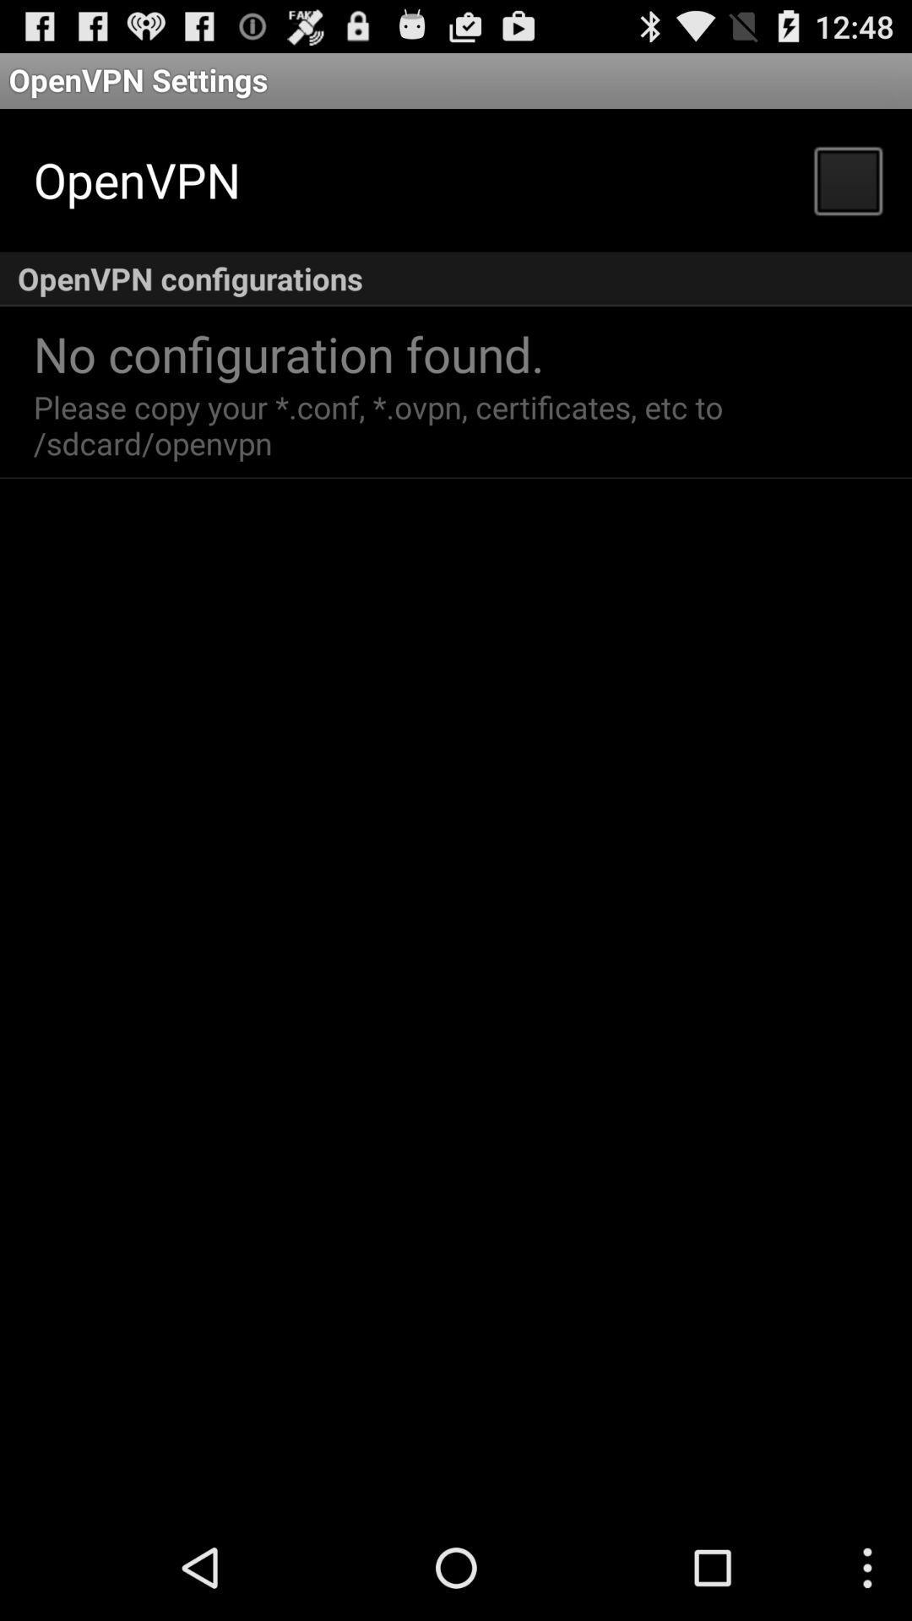 The width and height of the screenshot is (912, 1621). I want to click on item below openvpn configurations icon, so click(288, 352).